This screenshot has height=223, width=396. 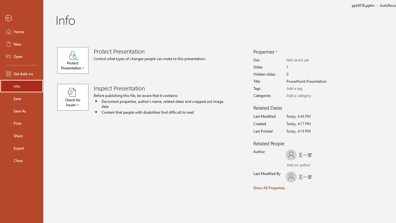 I want to click on 'New', so click(x=21, y=43).